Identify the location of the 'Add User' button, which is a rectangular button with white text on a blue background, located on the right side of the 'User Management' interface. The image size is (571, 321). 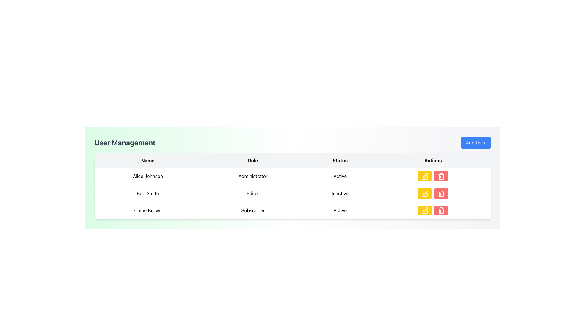
(475, 142).